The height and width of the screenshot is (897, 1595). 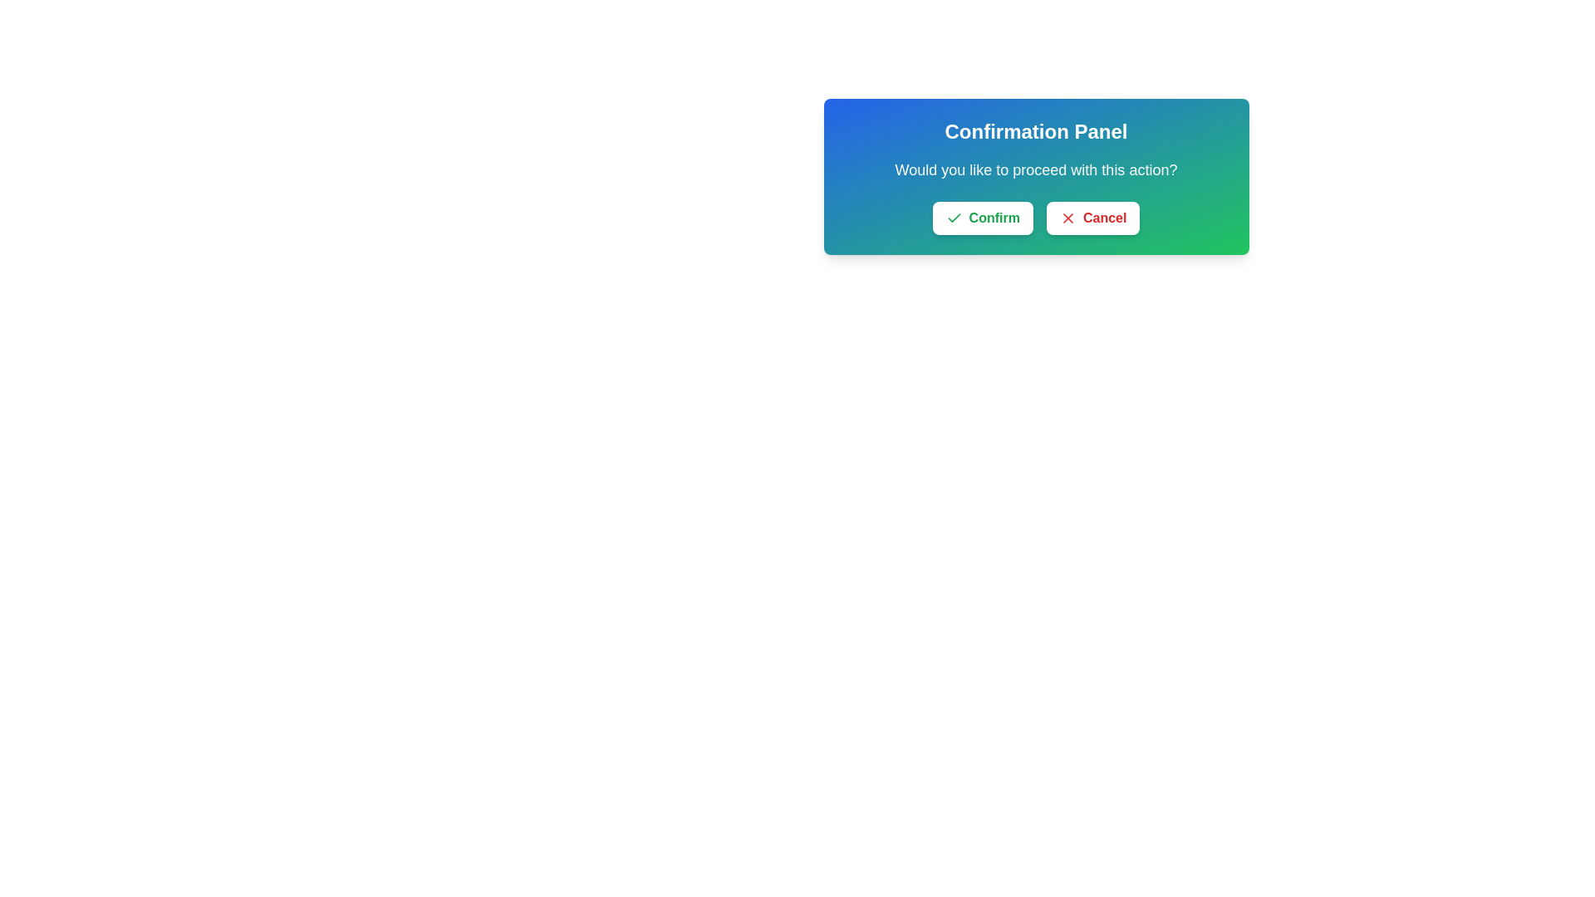 I want to click on text label that serves as the title of the confirmation dialog, positioned at the top of the dialog interface, so click(x=1035, y=130).